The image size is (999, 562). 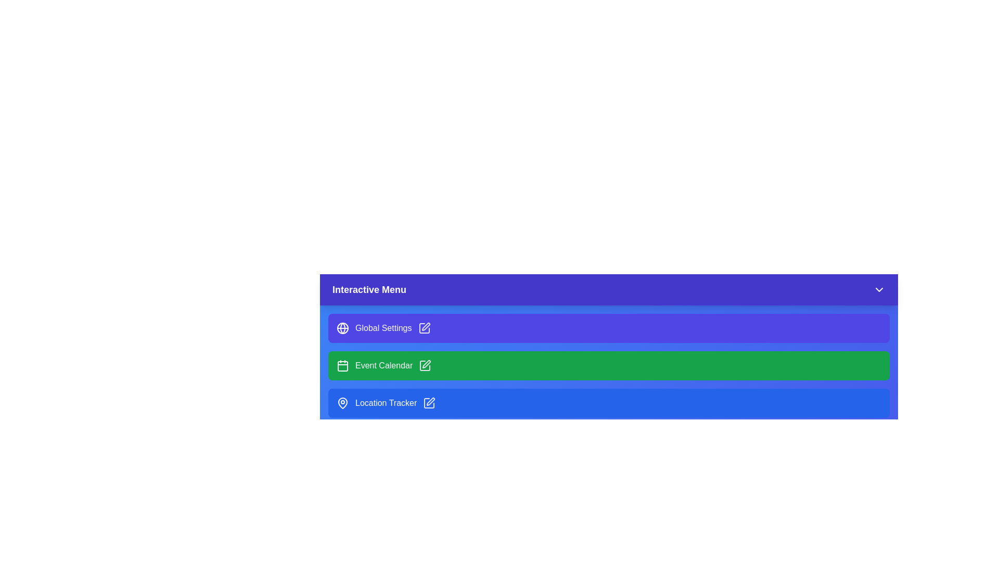 What do you see at coordinates (609, 403) in the screenshot?
I see `the menu item Location Tracker from the interactive menu` at bounding box center [609, 403].